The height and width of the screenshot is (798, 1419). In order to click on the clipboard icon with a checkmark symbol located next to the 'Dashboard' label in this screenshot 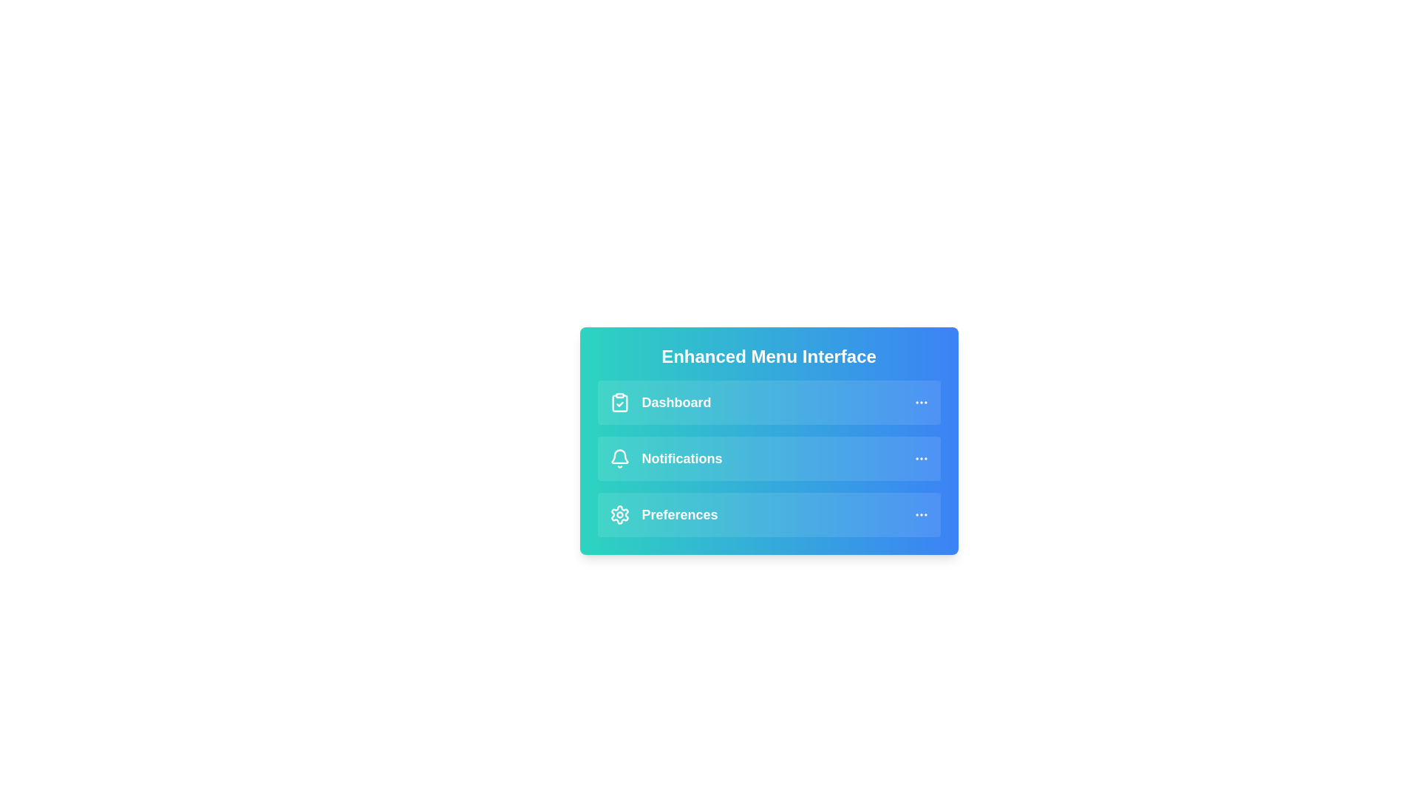, I will do `click(619, 402)`.